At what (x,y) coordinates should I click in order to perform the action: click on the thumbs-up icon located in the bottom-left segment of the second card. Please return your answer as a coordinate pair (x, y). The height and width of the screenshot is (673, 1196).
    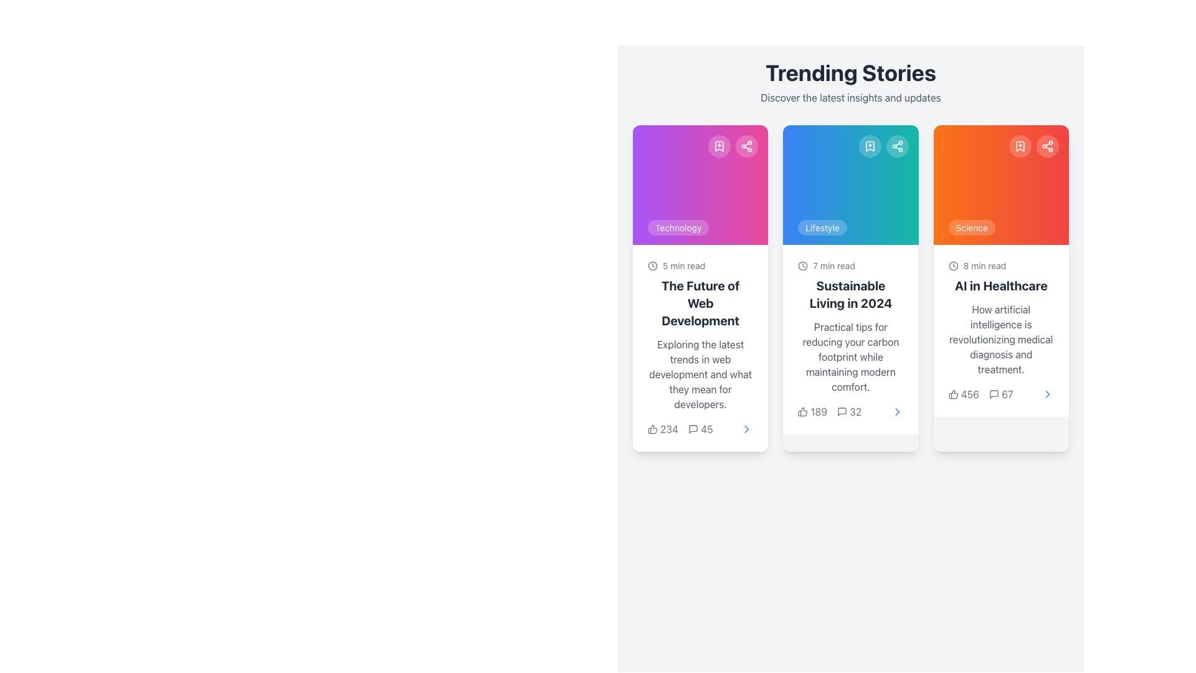
    Looking at the image, I should click on (803, 411).